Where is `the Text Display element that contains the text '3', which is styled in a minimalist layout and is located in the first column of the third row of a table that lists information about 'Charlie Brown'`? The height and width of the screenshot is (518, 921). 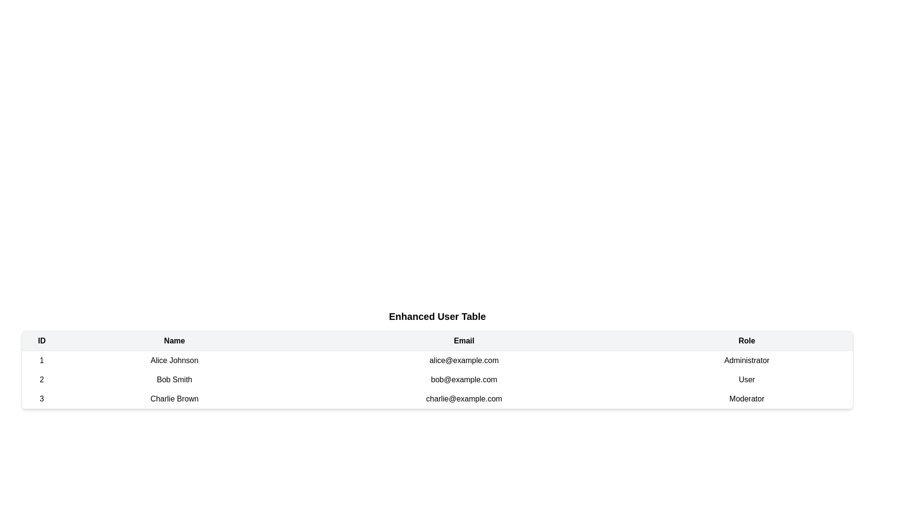 the Text Display element that contains the text '3', which is styled in a minimalist layout and is located in the first column of the third row of a table that lists information about 'Charlie Brown' is located at coordinates (41, 399).